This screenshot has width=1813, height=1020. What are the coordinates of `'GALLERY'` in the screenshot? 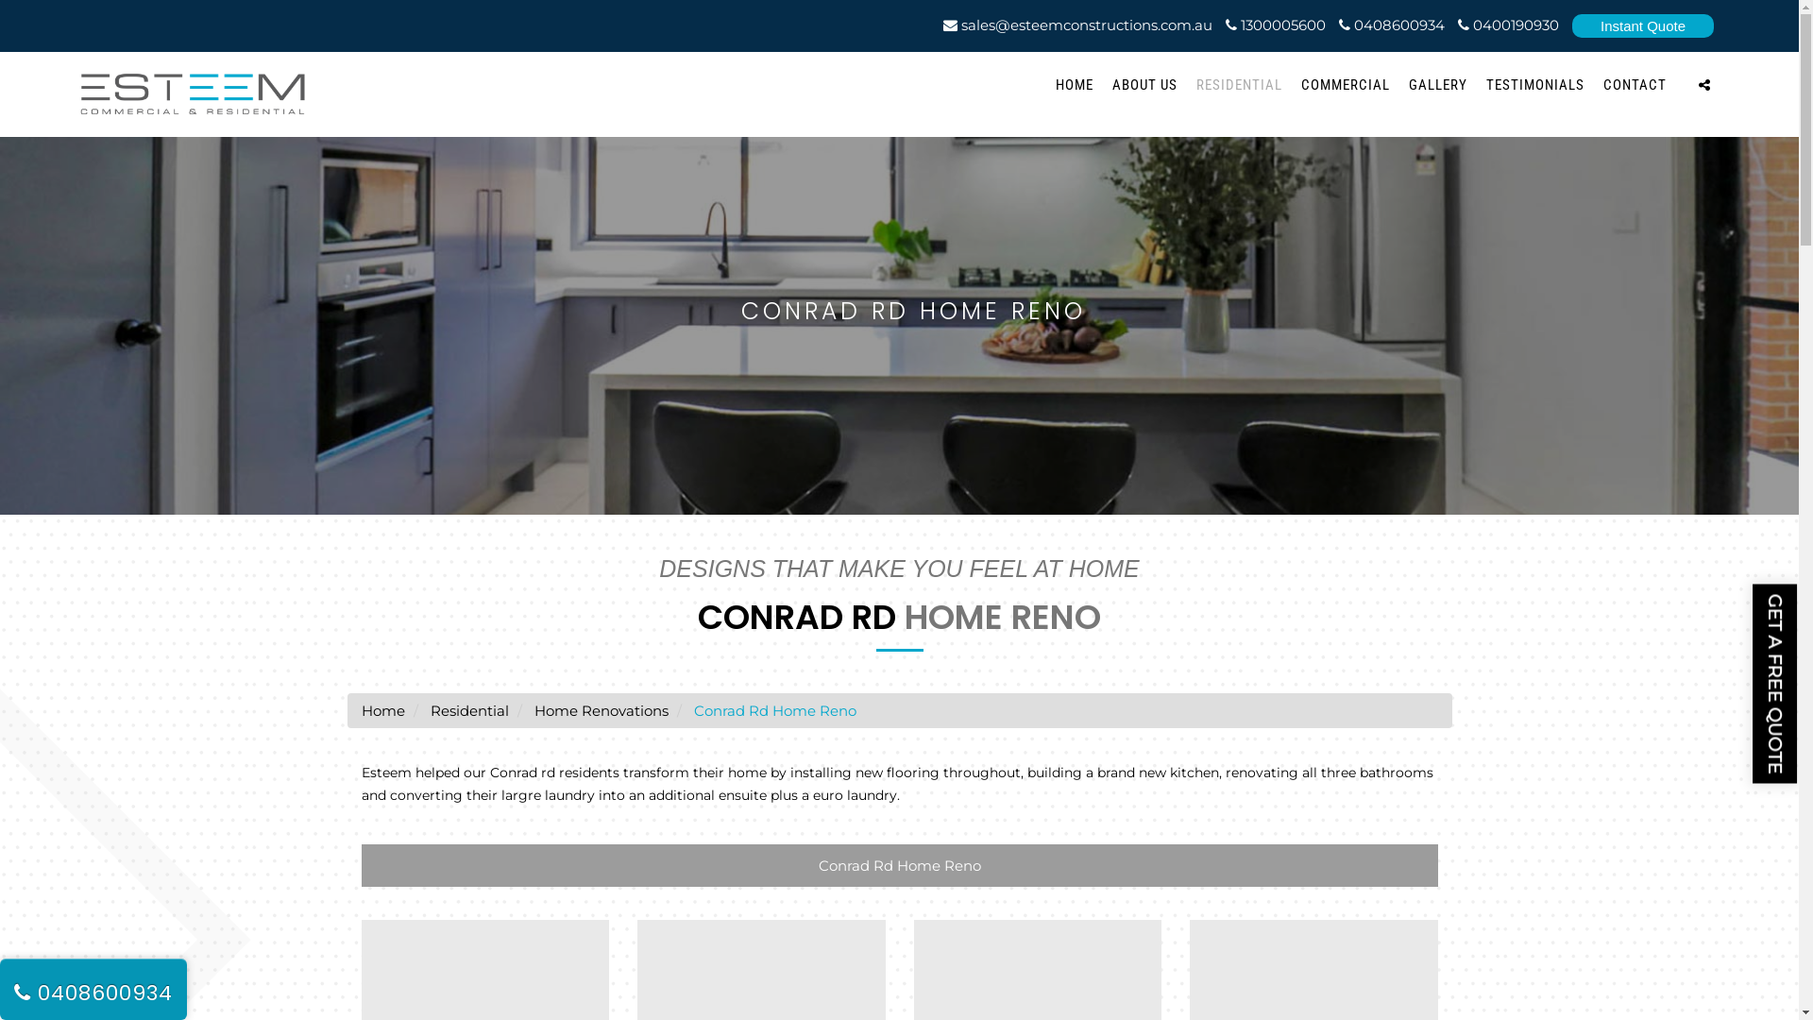 It's located at (1409, 83).